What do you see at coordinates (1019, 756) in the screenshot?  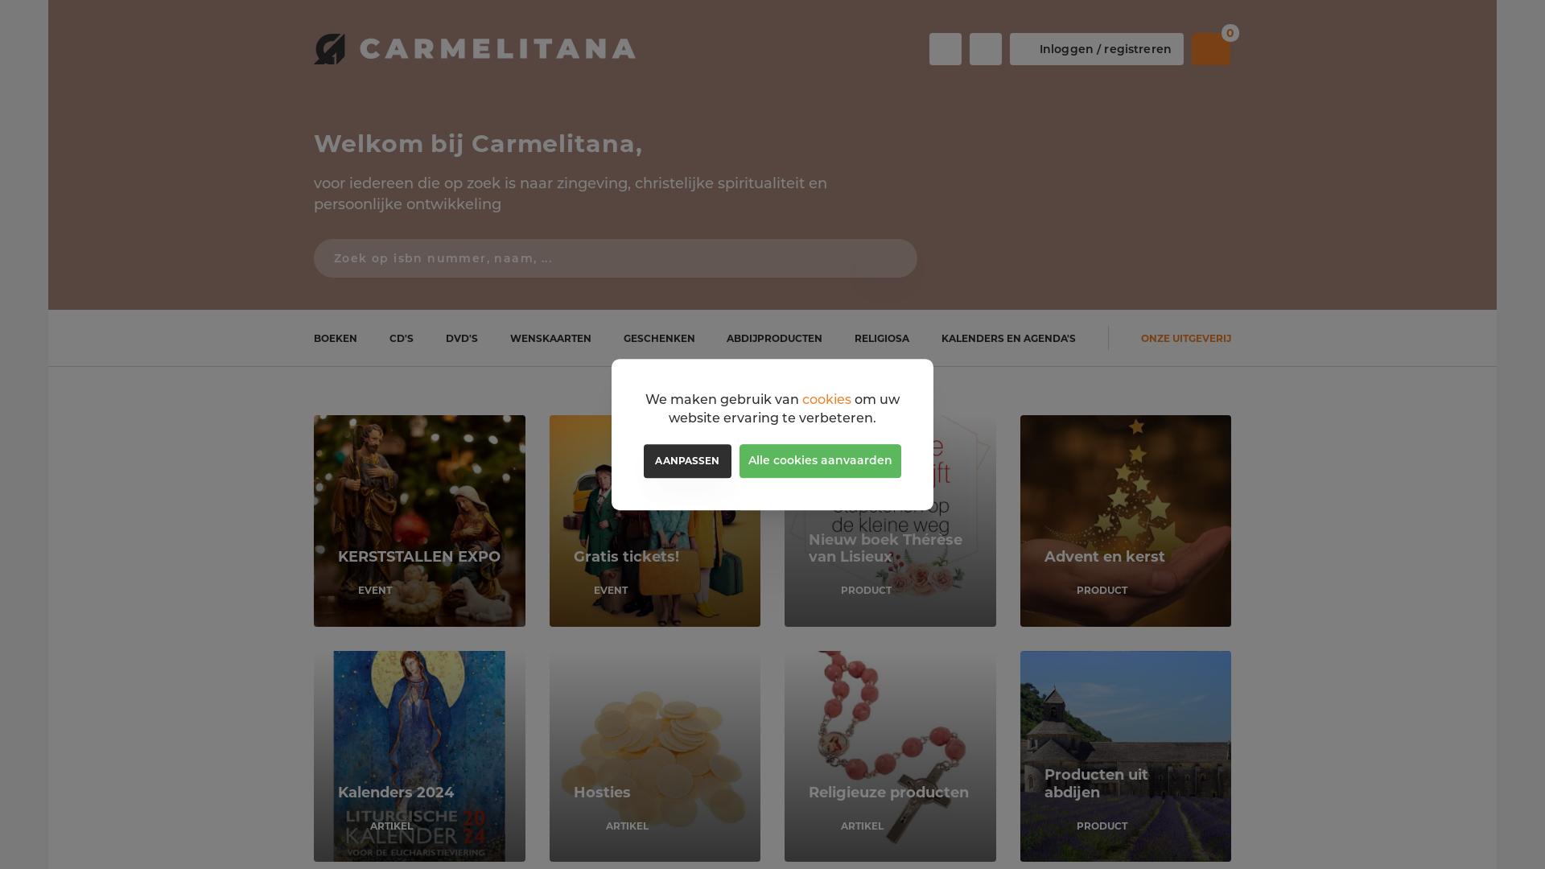 I see `'Producten uit abdijen` at bounding box center [1019, 756].